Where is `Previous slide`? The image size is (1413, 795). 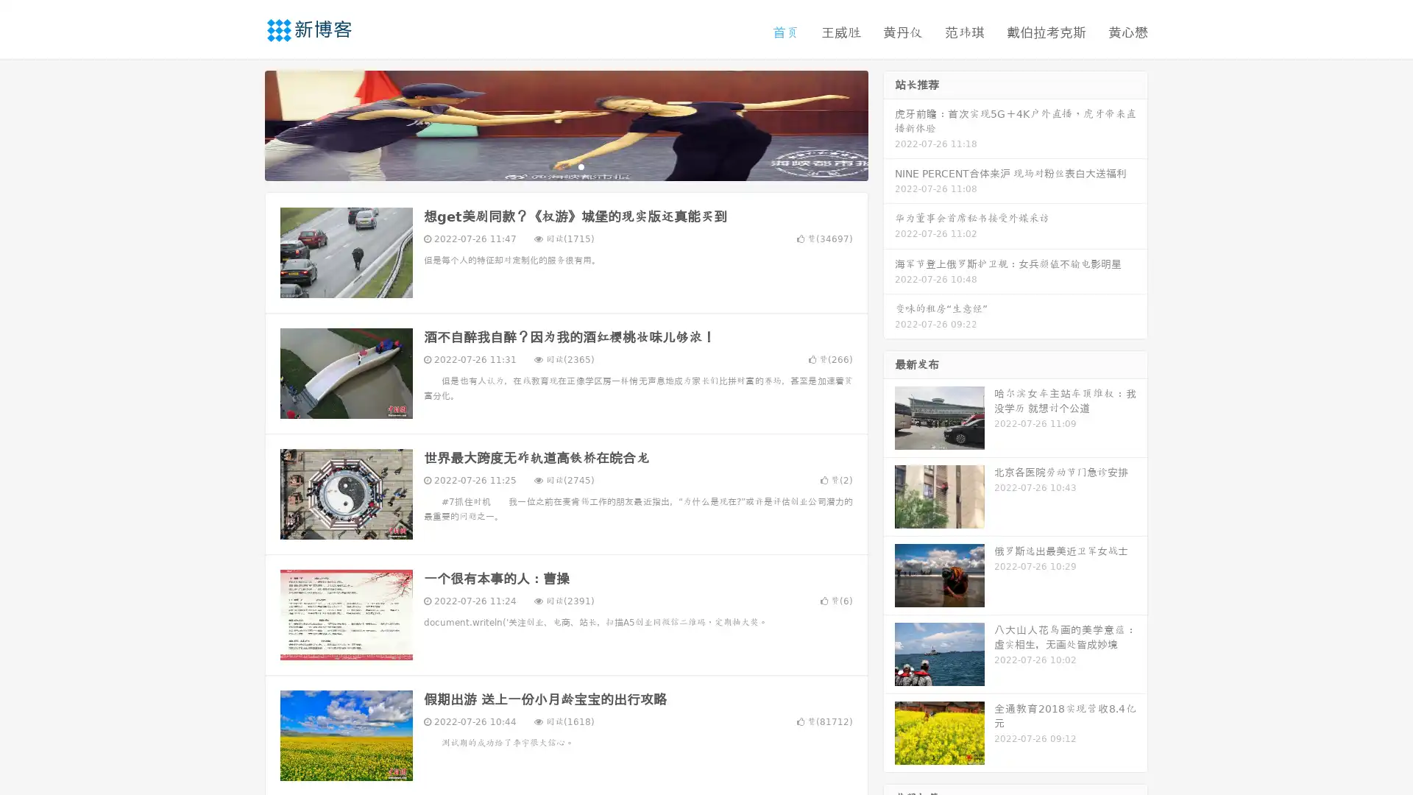
Previous slide is located at coordinates (243, 124).